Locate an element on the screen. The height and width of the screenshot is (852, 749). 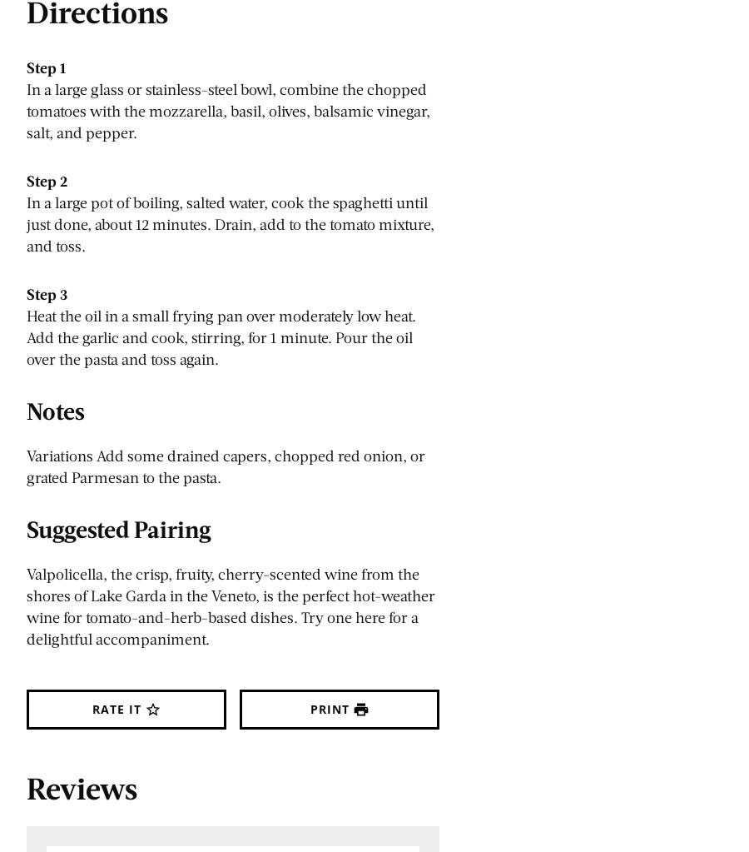
'Valpolicella, the crisp, fruity, cherry-scented wine from the shores of Lake Garda in the Veneto, is the perfect hot-weather wine for tomato-and-herb-based dishes. Try one here for a delightful accompaniment.' is located at coordinates (230, 605).